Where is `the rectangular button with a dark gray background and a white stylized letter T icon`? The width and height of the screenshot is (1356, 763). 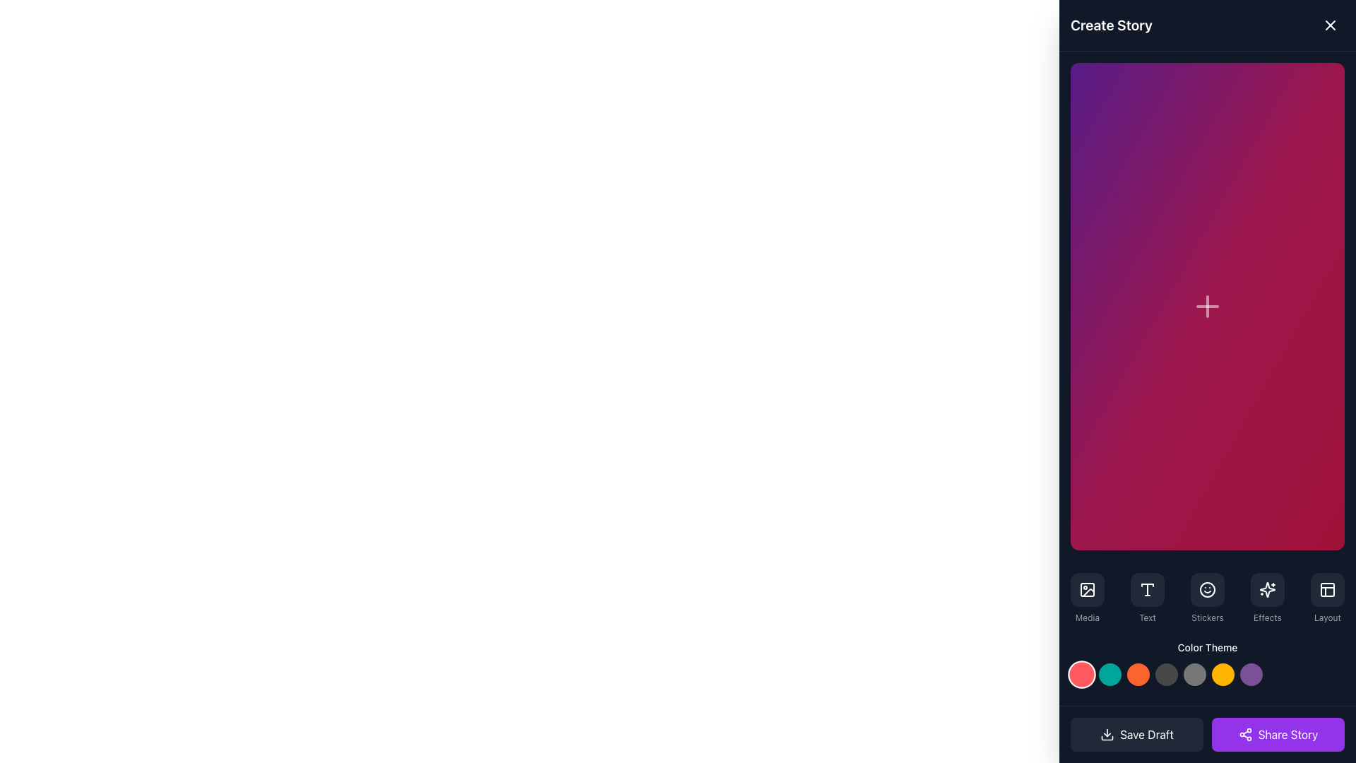
the rectangular button with a dark gray background and a white stylized letter T icon is located at coordinates (1148, 588).